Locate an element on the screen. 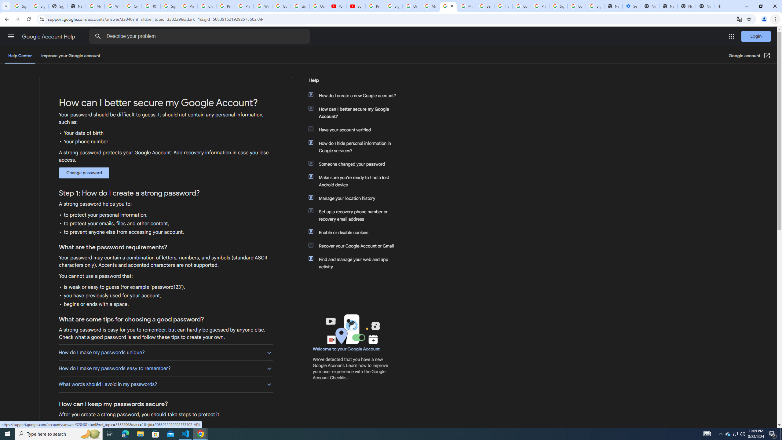 This screenshot has width=782, height=440. 'Help Center' is located at coordinates (20, 55).